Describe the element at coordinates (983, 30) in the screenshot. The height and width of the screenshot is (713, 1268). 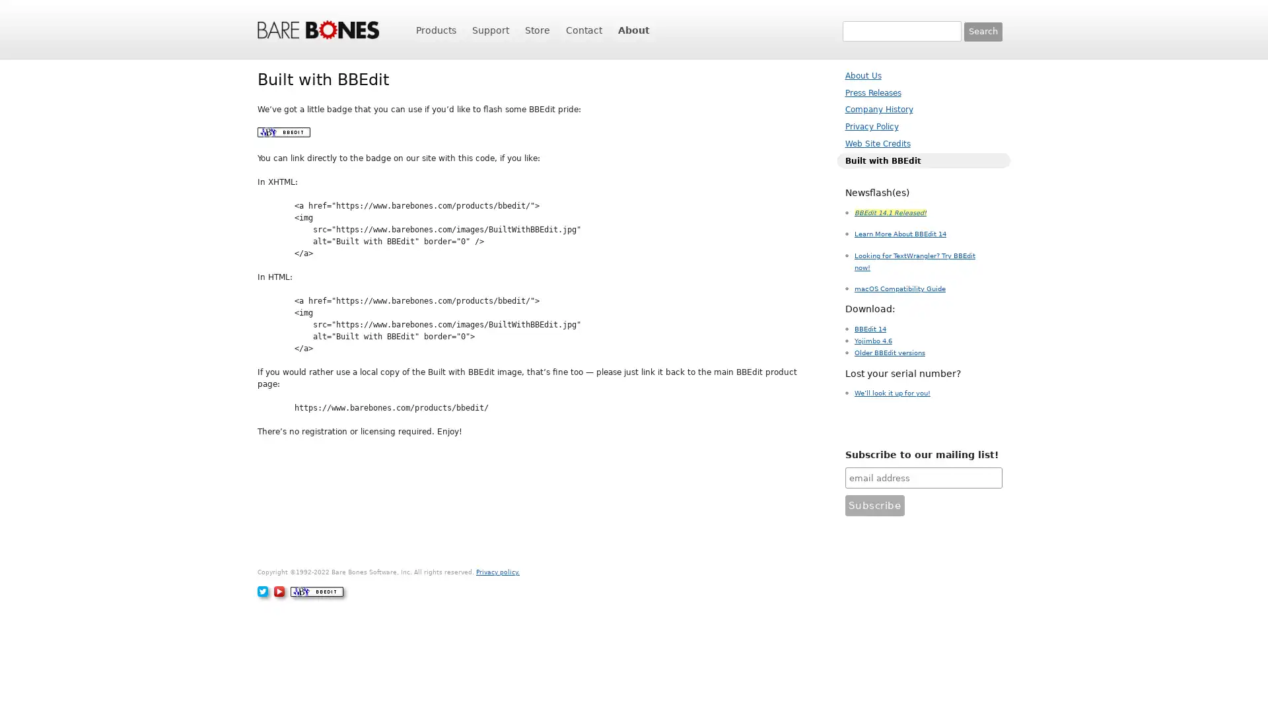
I see `Search` at that location.